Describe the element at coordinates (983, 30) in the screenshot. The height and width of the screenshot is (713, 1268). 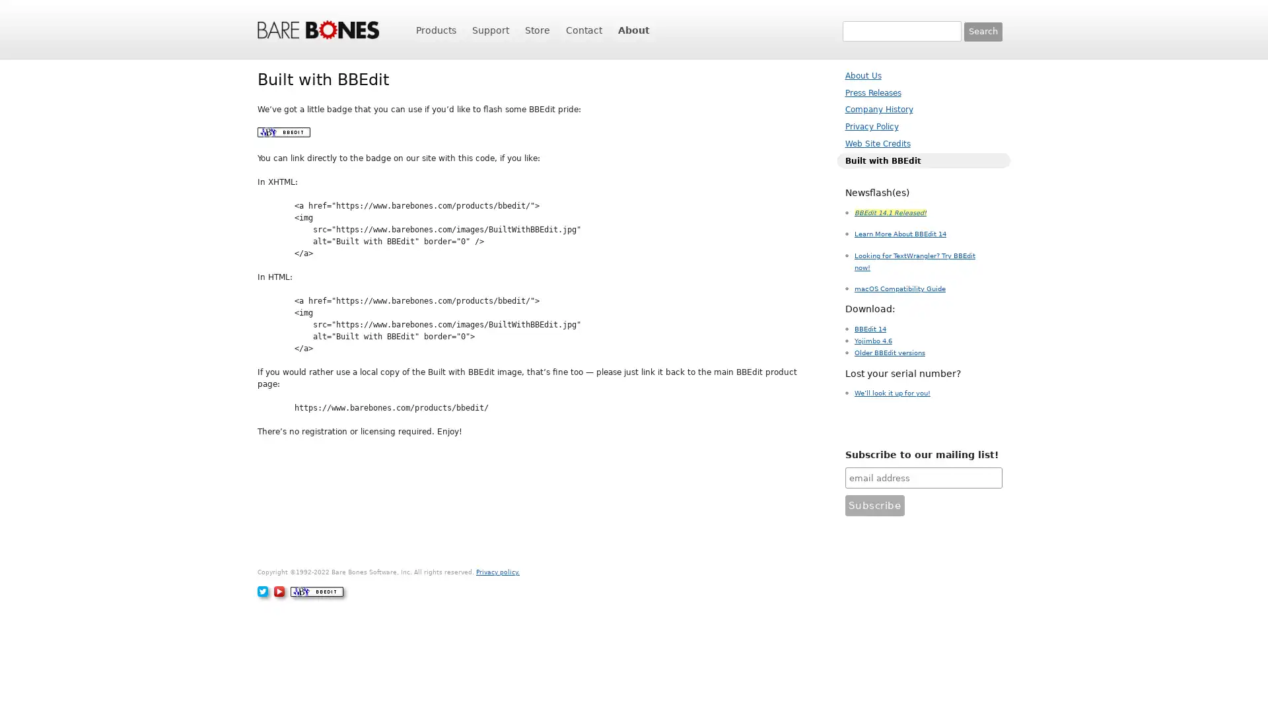
I see `Search` at that location.